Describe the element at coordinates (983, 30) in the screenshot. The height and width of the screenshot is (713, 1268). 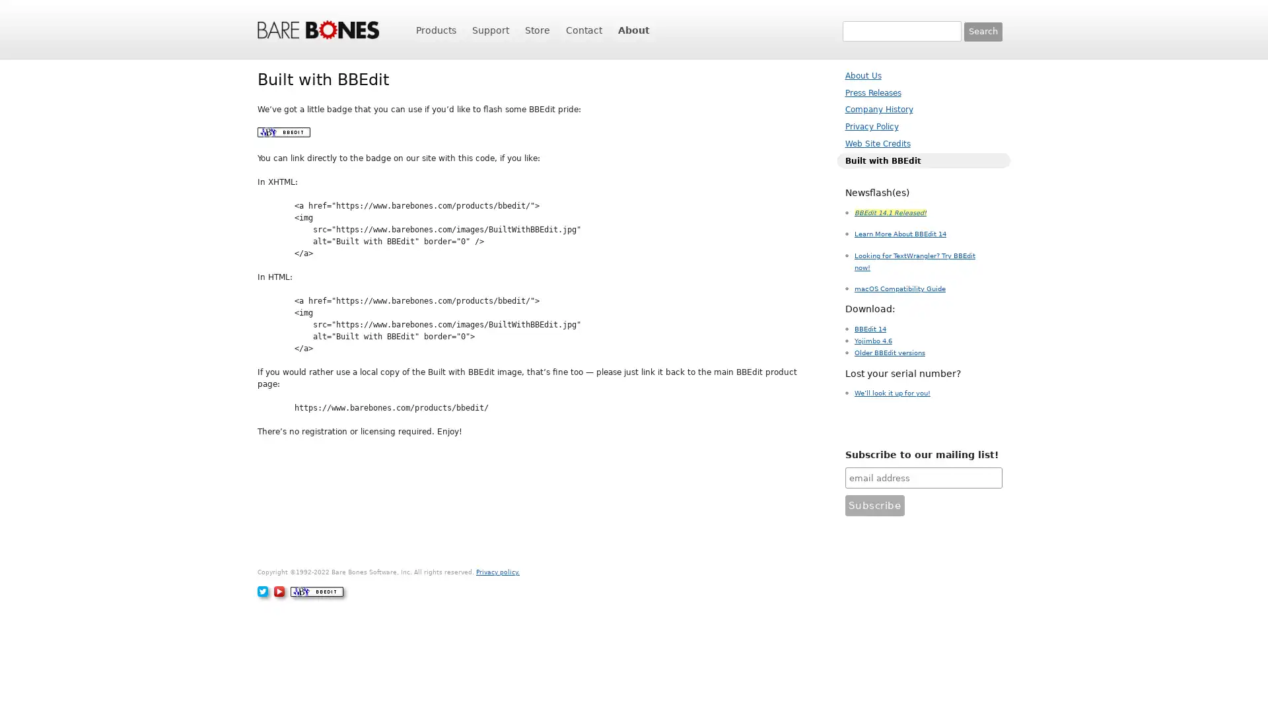
I see `Search` at that location.